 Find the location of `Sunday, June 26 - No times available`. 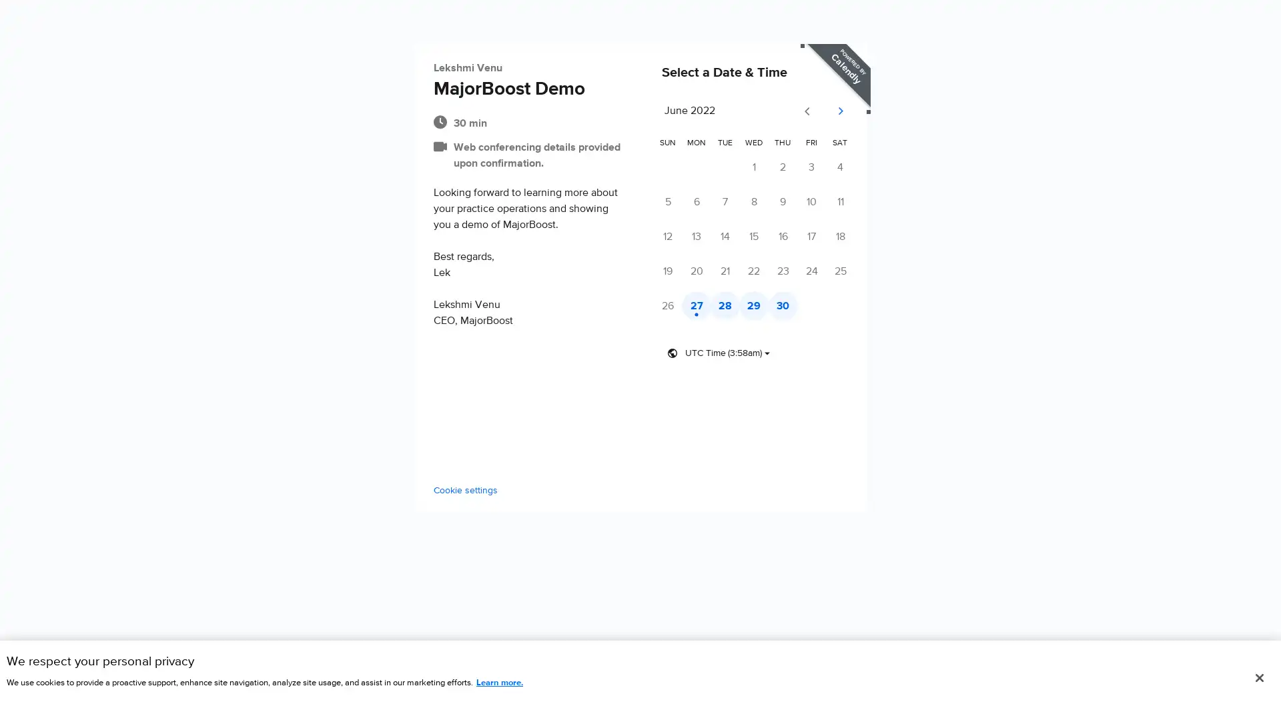

Sunday, June 26 - No times available is located at coordinates (669, 306).